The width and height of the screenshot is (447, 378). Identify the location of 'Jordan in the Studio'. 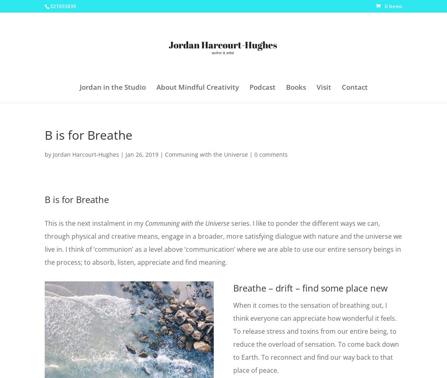
(112, 87).